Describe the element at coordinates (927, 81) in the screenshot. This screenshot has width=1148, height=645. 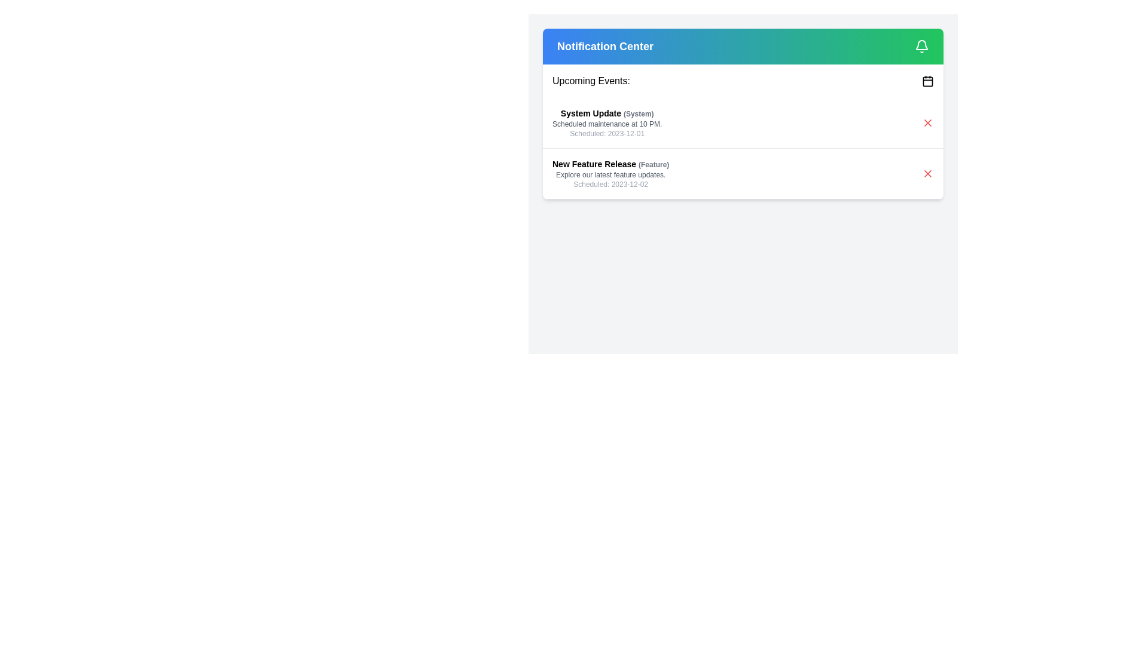
I see `the minimalistic calendar icon located in the top-right corner of the notification panel` at that location.